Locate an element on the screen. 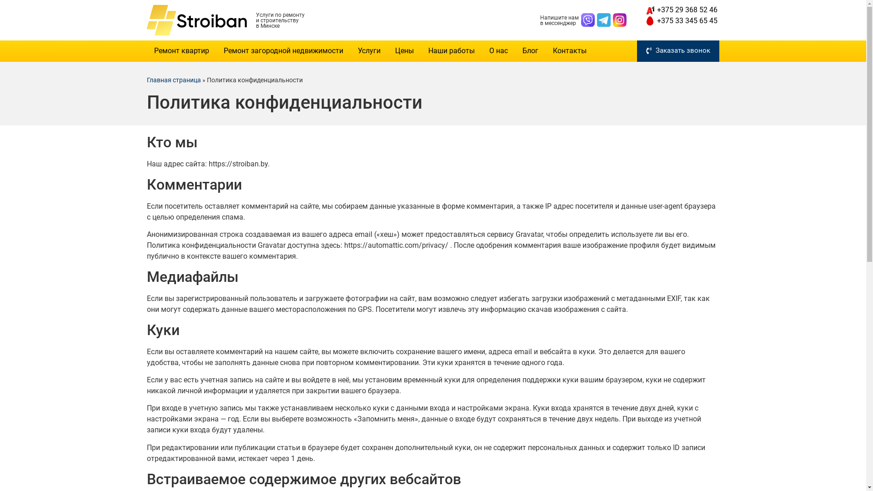 The image size is (873, 491). '+375 29 368 52 46' is located at coordinates (681, 10).